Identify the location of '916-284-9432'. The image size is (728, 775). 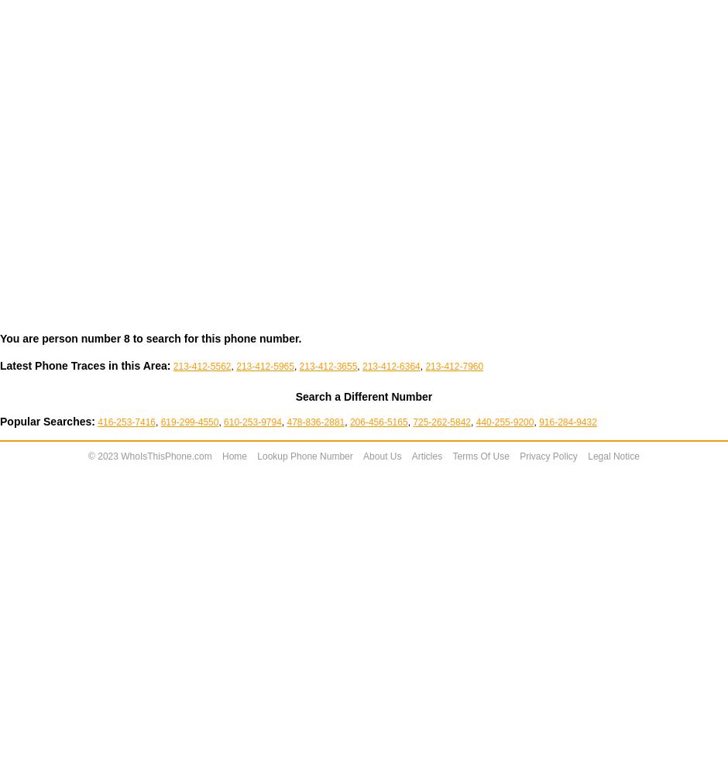
(568, 422).